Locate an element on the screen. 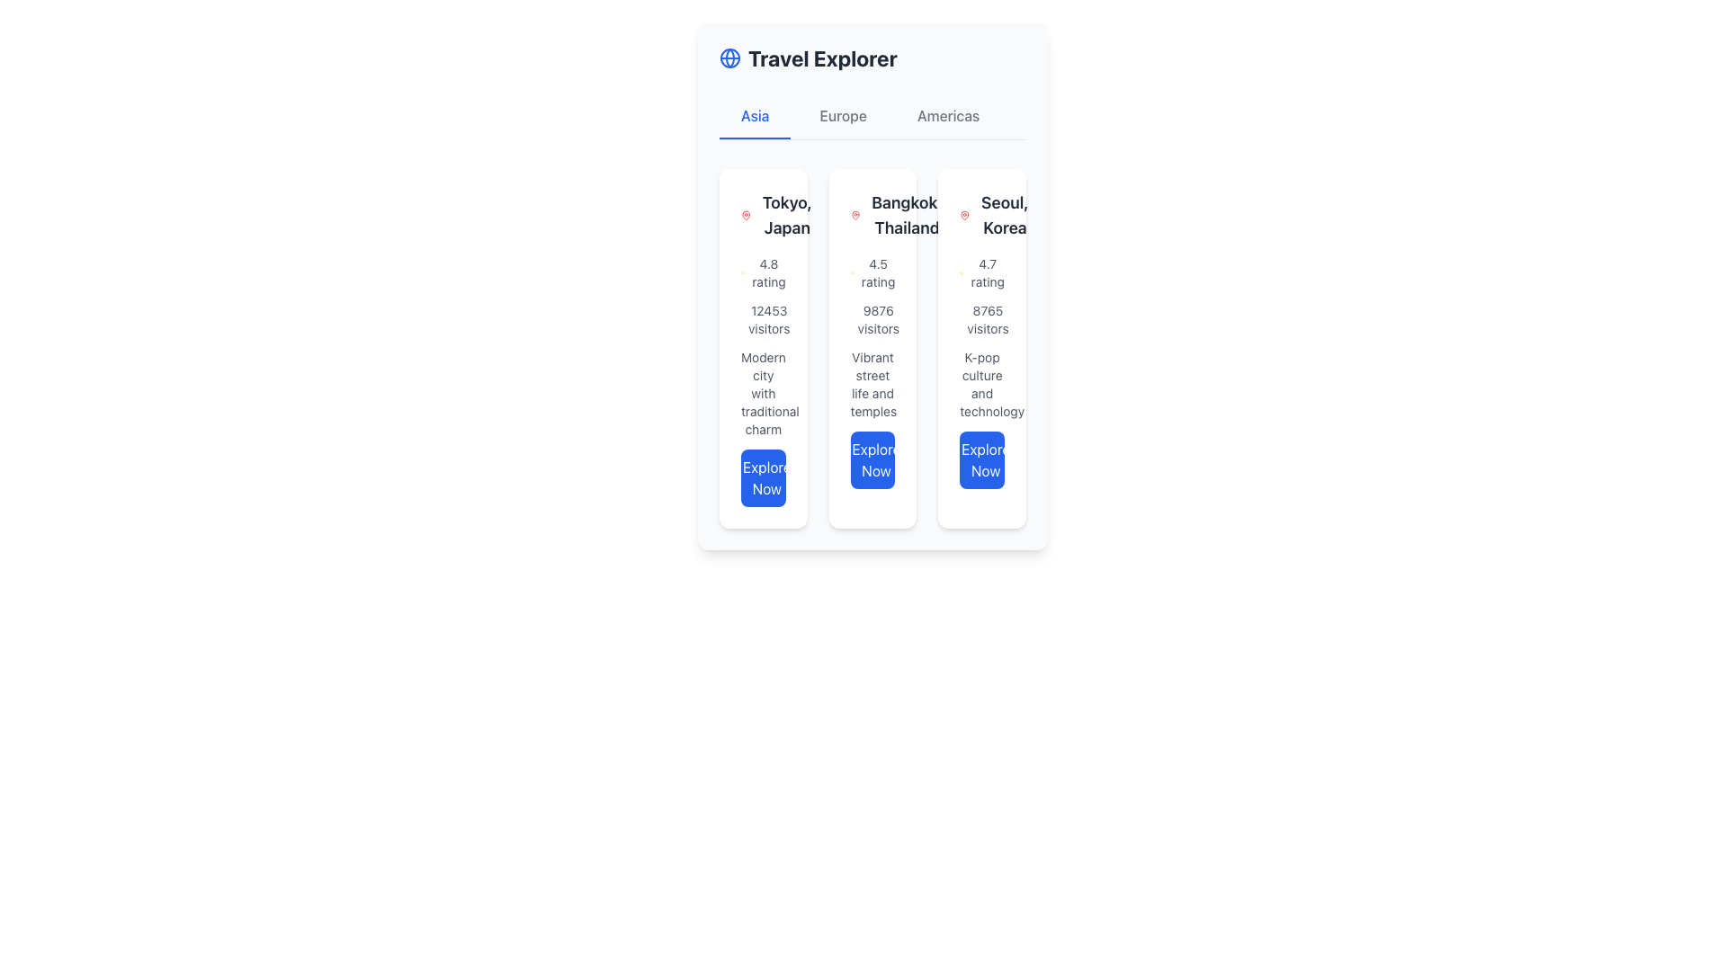 The height and width of the screenshot is (971, 1727). the '4.7 rating' text element styled in small gray font with a yellow star icon, located on the 'Seoul, Korea' card is located at coordinates (981, 273).